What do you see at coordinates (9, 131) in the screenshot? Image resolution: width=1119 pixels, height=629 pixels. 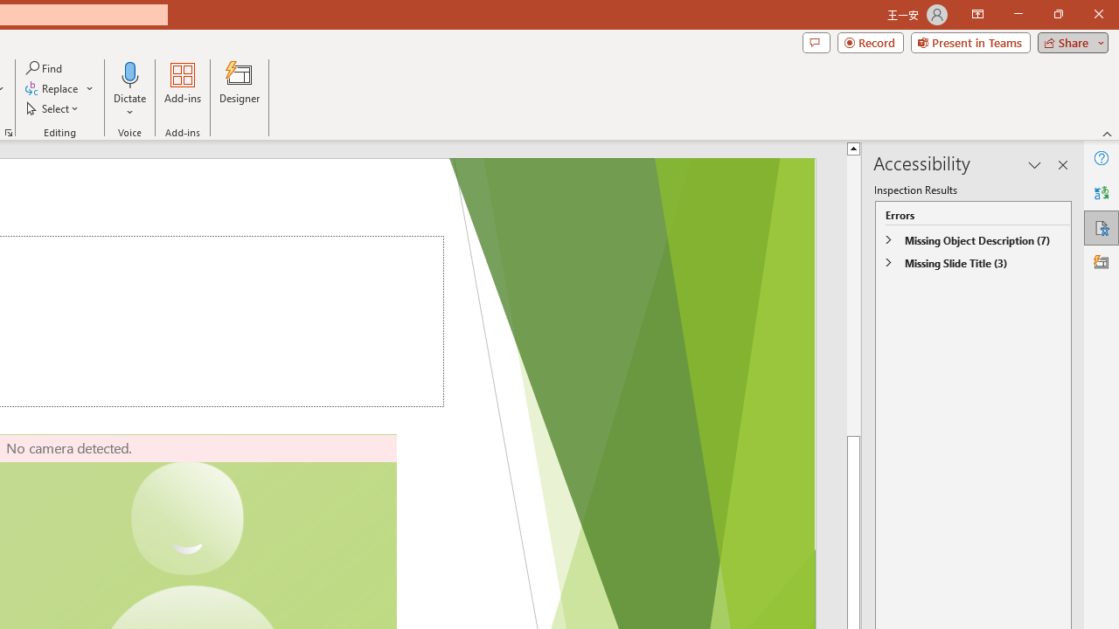 I see `'Format Object...'` at bounding box center [9, 131].